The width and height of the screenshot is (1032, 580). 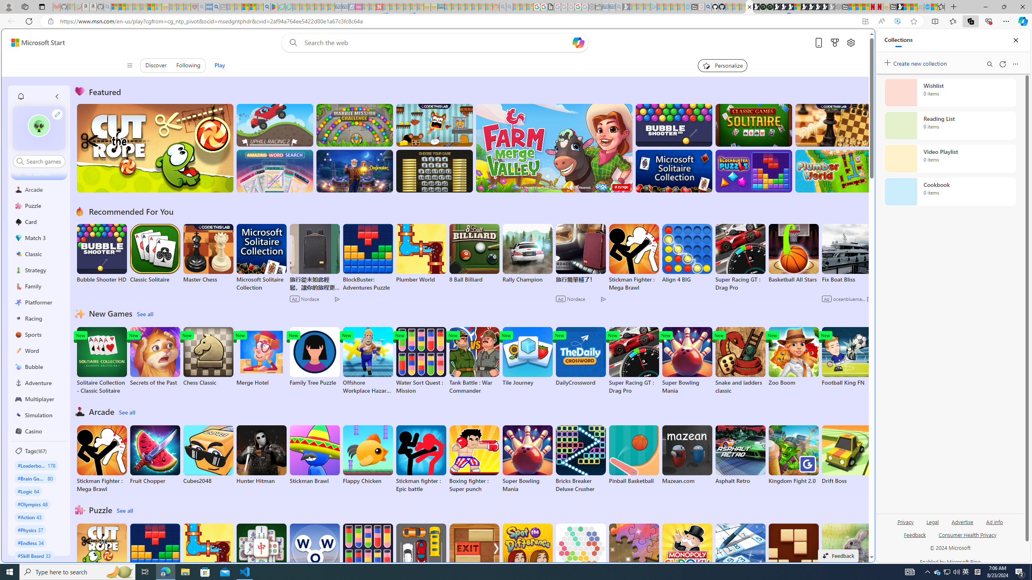 I want to click on 'Cookbook collection, 0 items', so click(x=950, y=191).